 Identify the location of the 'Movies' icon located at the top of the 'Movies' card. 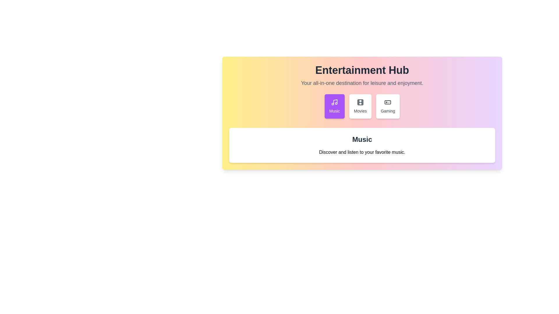
(360, 102).